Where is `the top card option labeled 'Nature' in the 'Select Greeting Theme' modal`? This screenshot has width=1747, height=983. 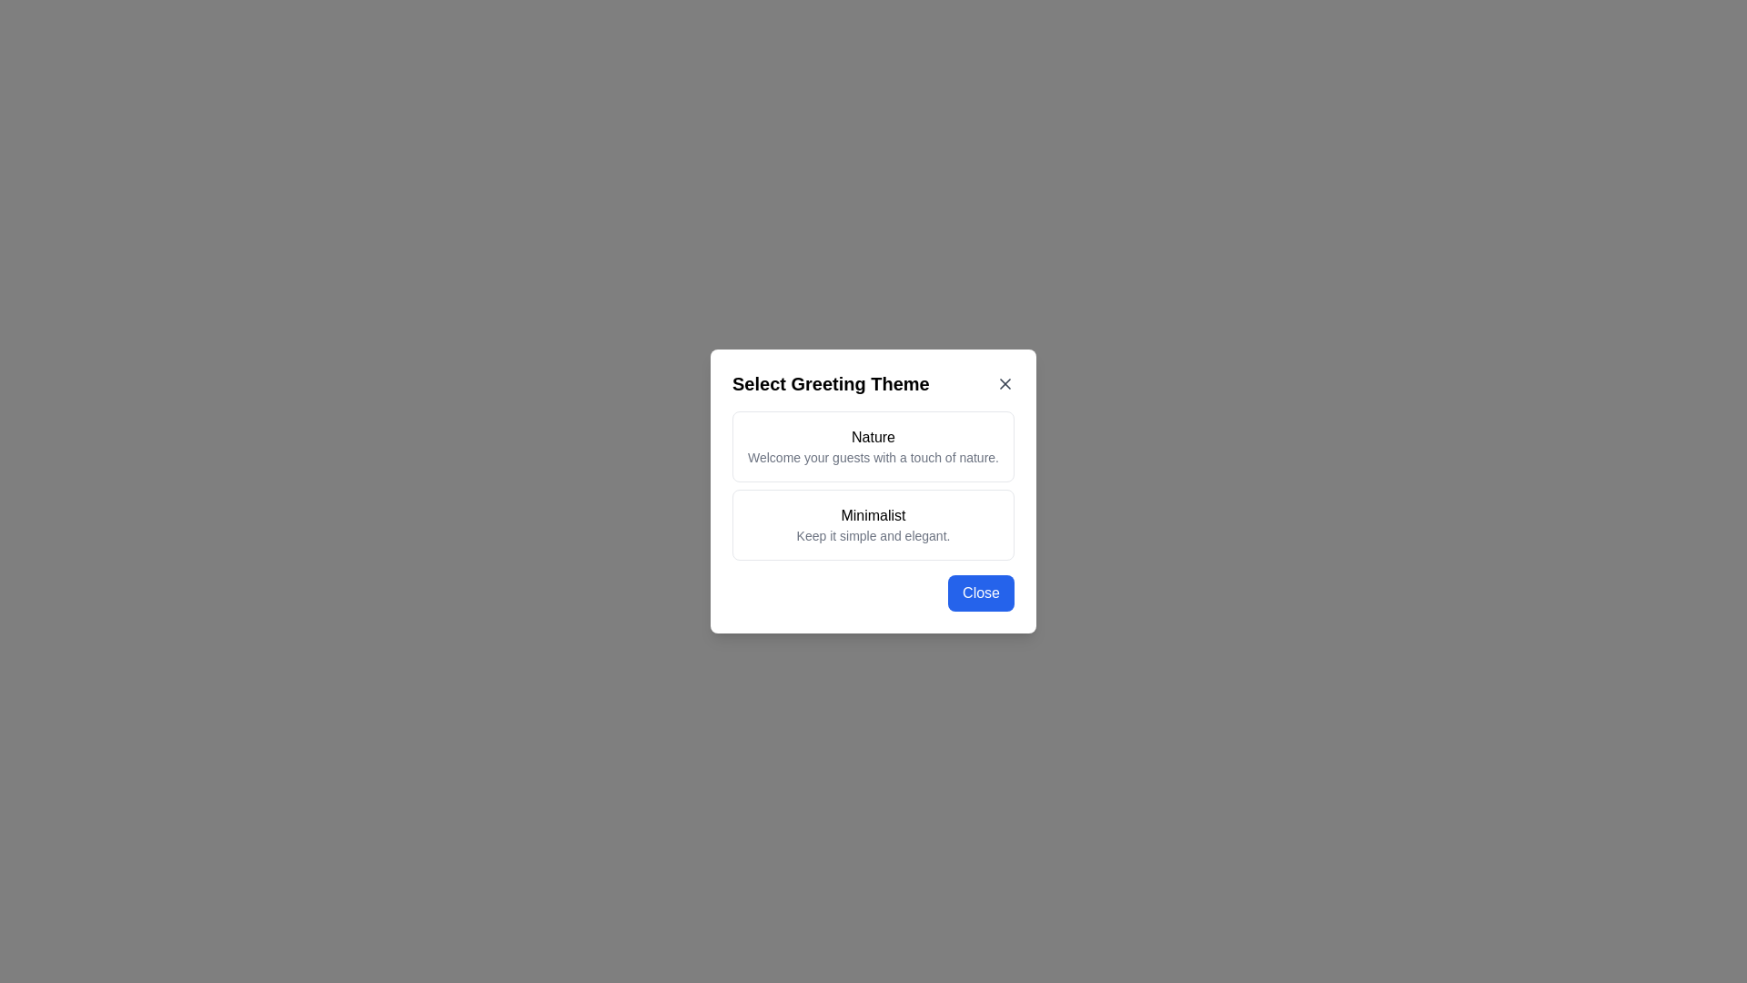 the top card option labeled 'Nature' in the 'Select Greeting Theme' modal is located at coordinates (873, 446).